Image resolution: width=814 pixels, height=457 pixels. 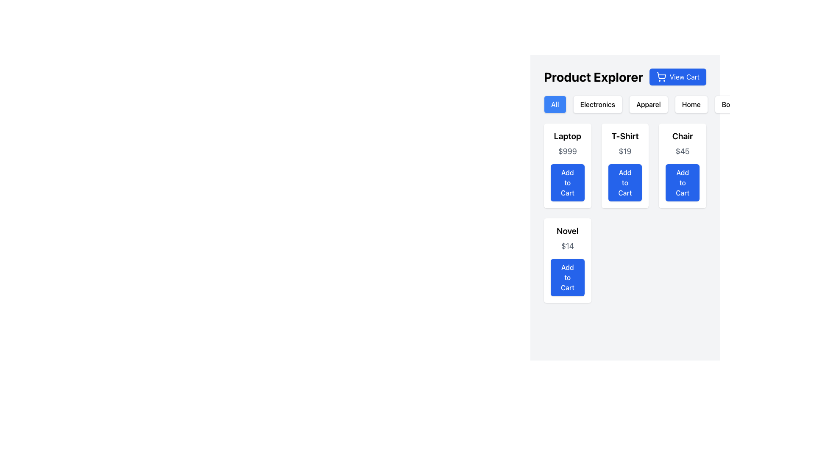 I want to click on the third 'Add to Cart' button located under the '$45' text in the product block for 'Chair', so click(x=683, y=182).